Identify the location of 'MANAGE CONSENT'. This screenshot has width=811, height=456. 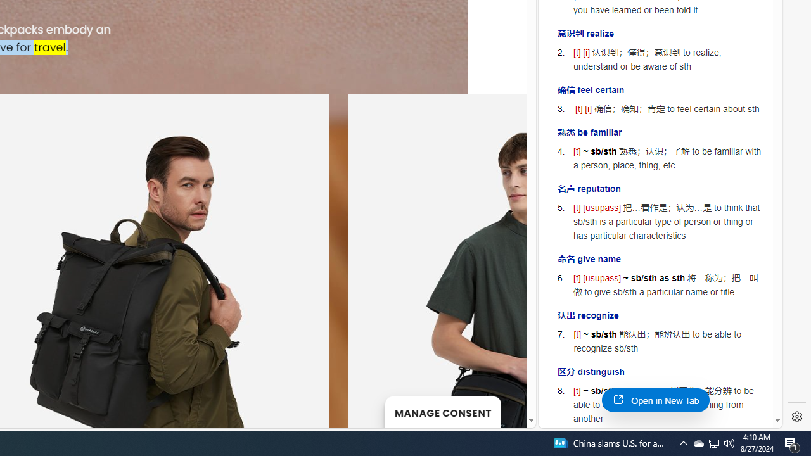
(442, 412).